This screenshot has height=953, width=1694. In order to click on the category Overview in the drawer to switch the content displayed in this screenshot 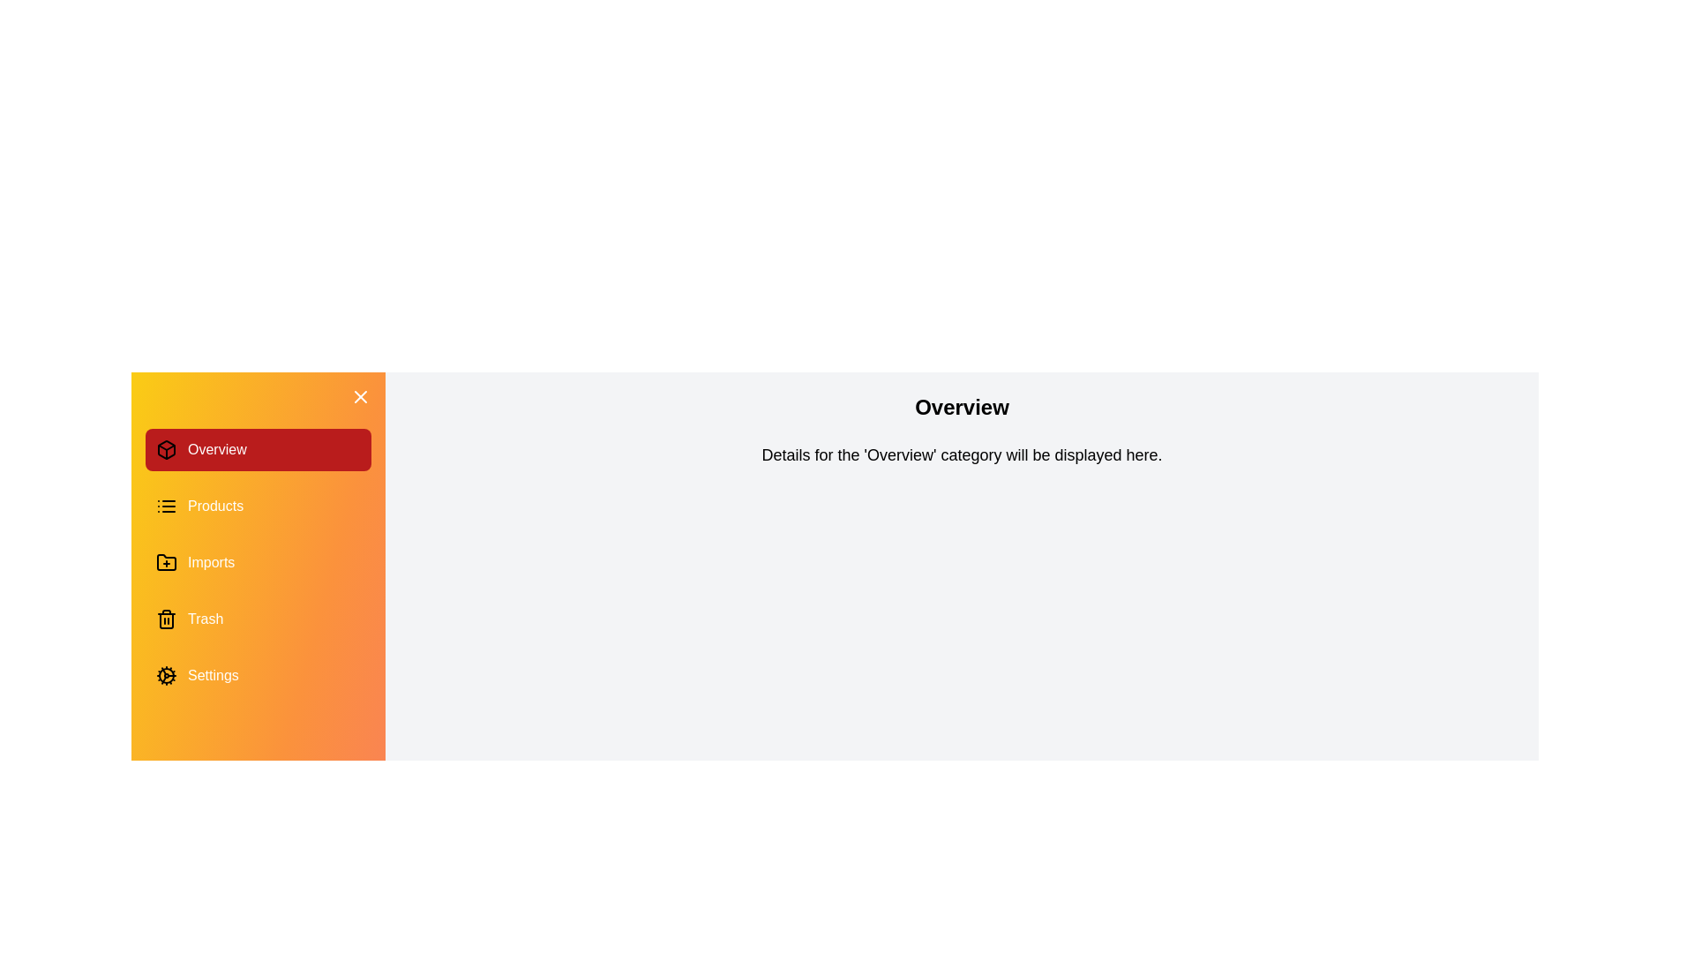, I will do `click(257, 448)`.